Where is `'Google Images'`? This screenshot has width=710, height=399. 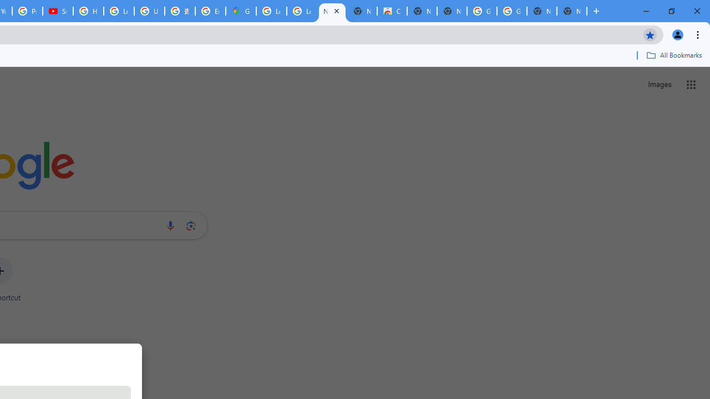
'Google Images' is located at coordinates (511, 11).